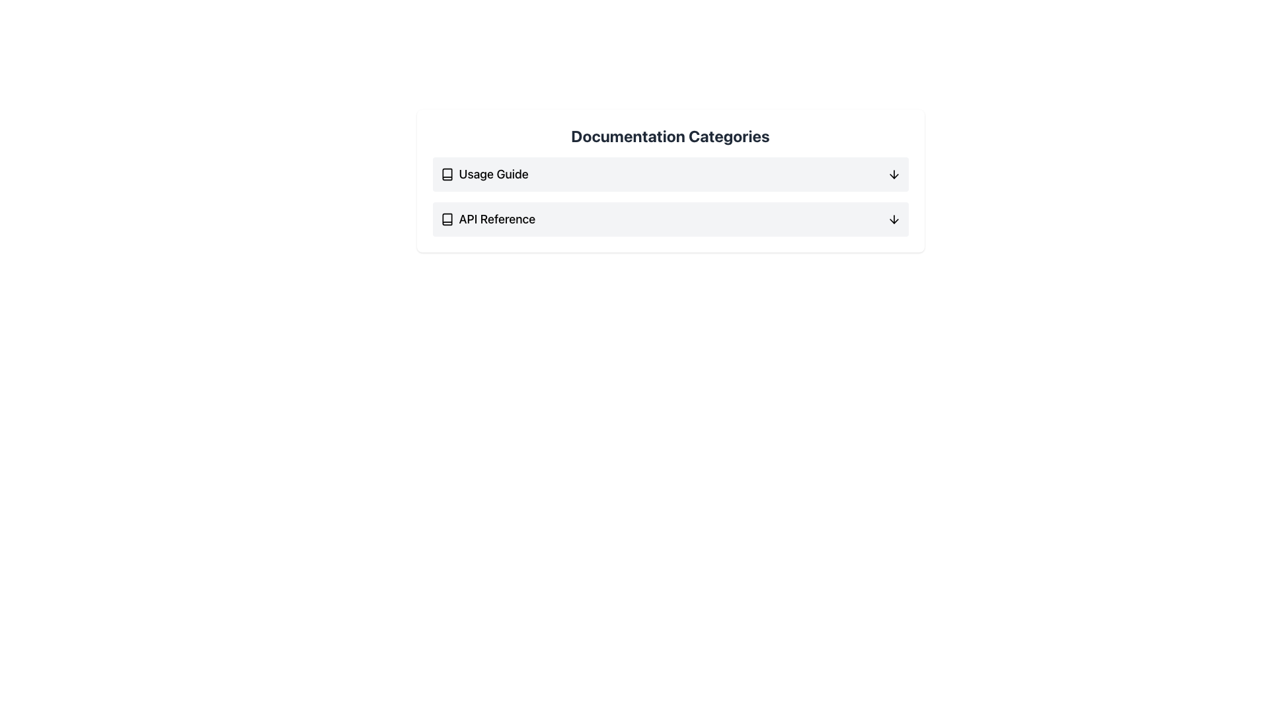  Describe the element at coordinates (447, 218) in the screenshot. I see `the icon representing the 'API Reference' category, which is located in the second row of the 'Documentation Categories' section, preceding the text label` at that location.